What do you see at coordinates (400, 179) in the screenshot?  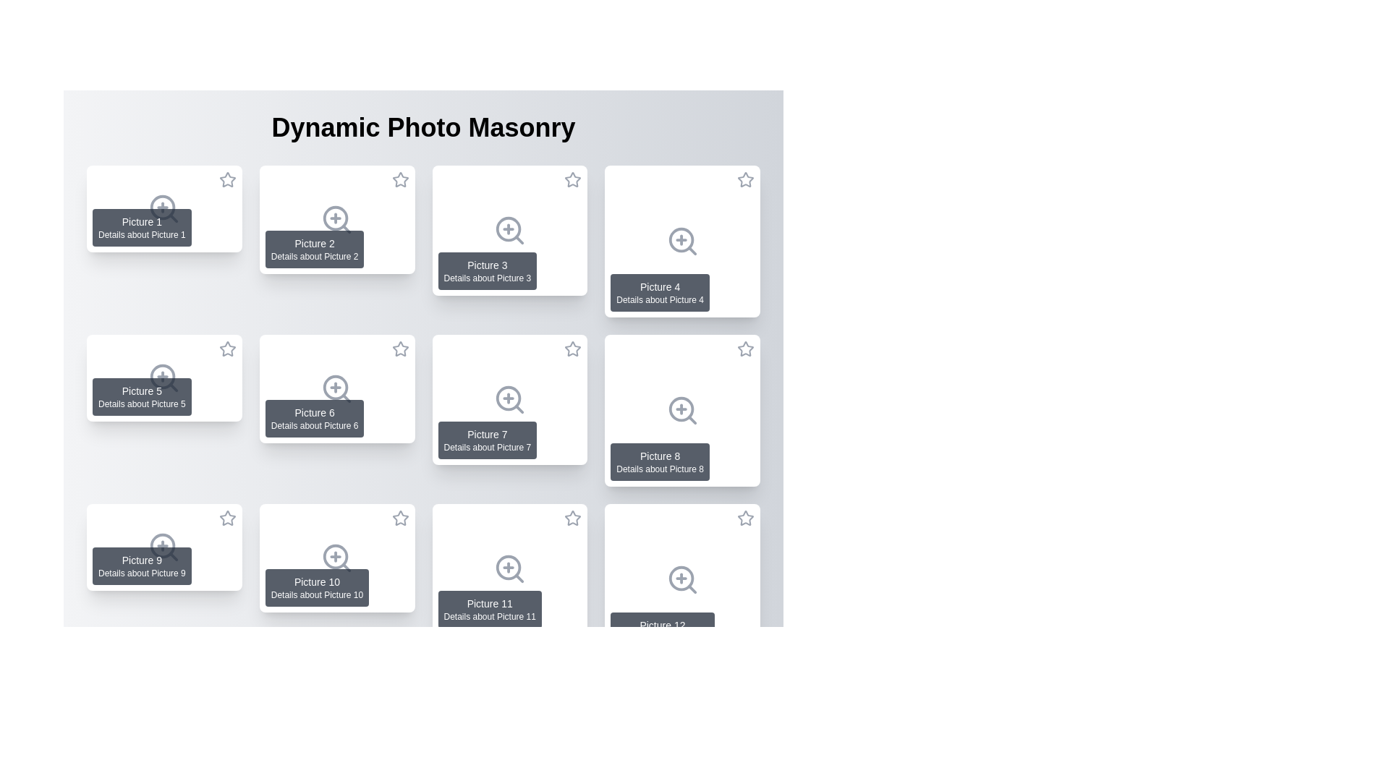 I see `the star icon button located in the top-right corner of the card labeled 'Picture 2' to mark the associated item as a favorite` at bounding box center [400, 179].